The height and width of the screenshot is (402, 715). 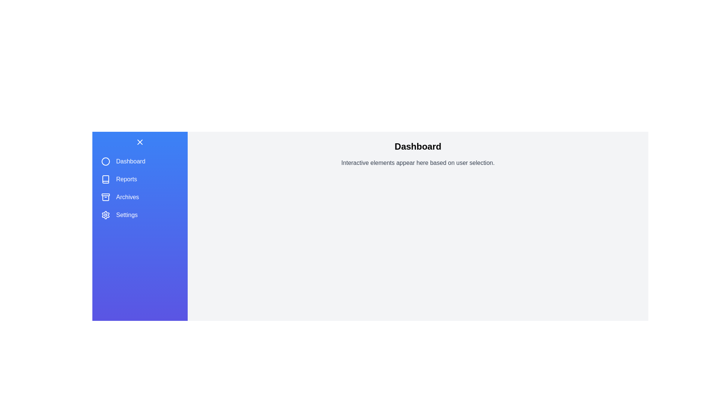 I want to click on the menu item labeled Settings, so click(x=140, y=215).